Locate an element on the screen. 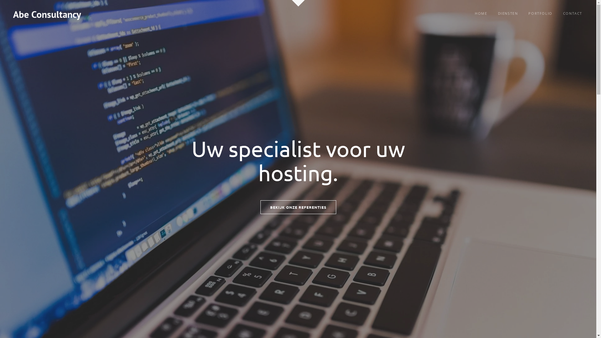  'CONTACT' is located at coordinates (573, 13).